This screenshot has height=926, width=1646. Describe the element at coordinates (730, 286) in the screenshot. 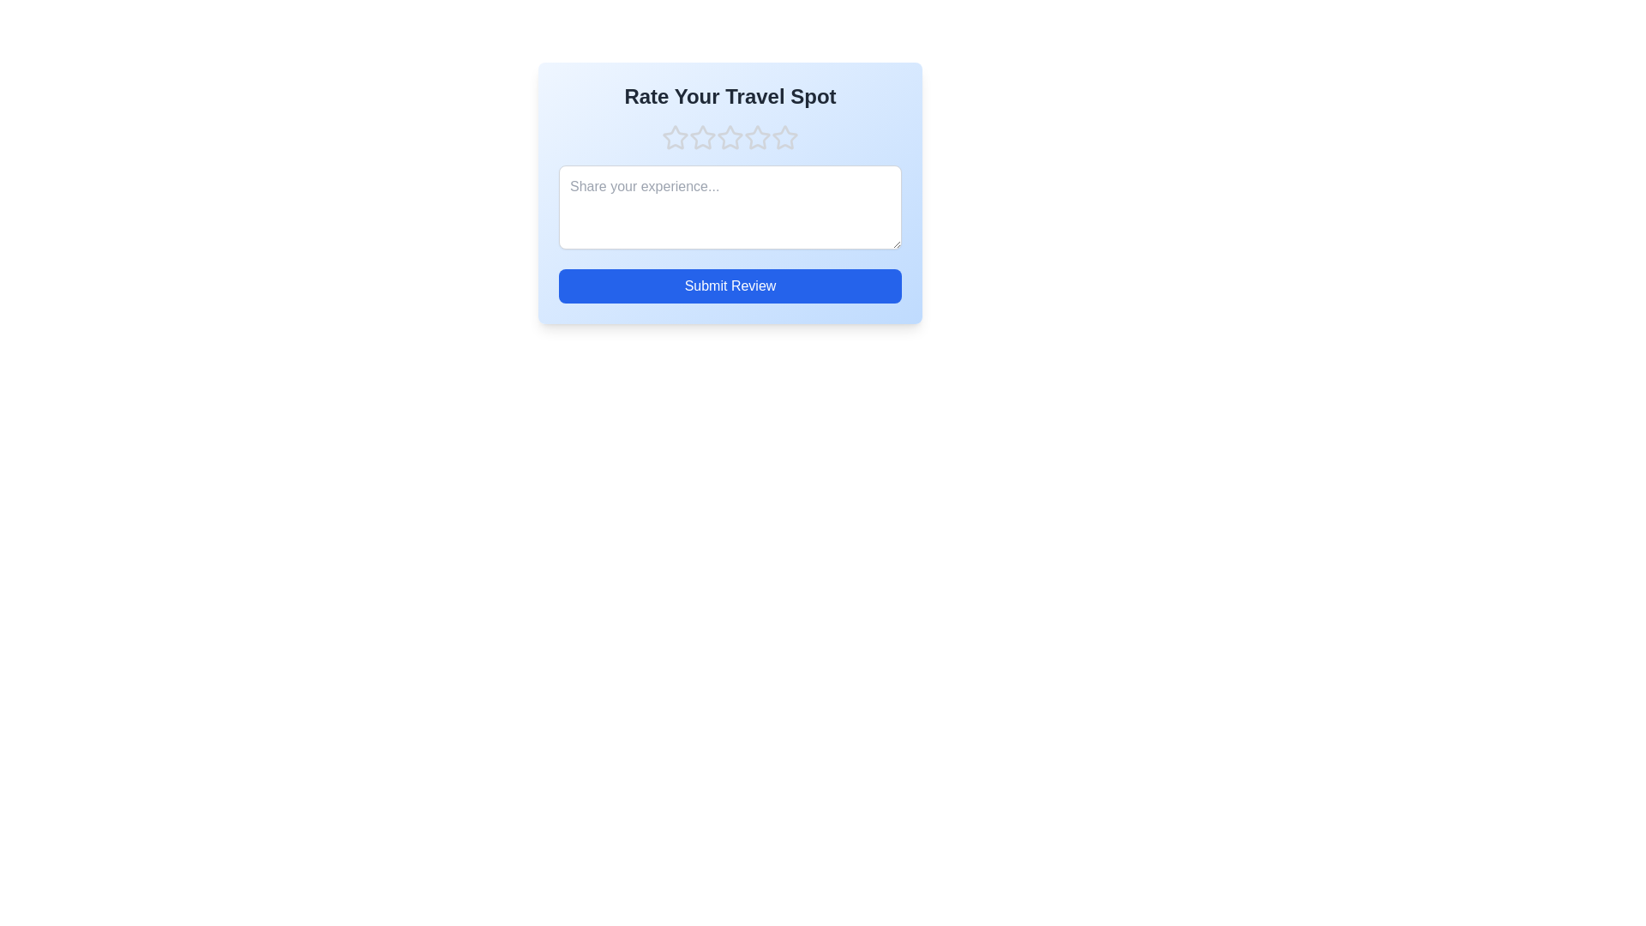

I see `'Submit Review' button to submit the review` at that location.